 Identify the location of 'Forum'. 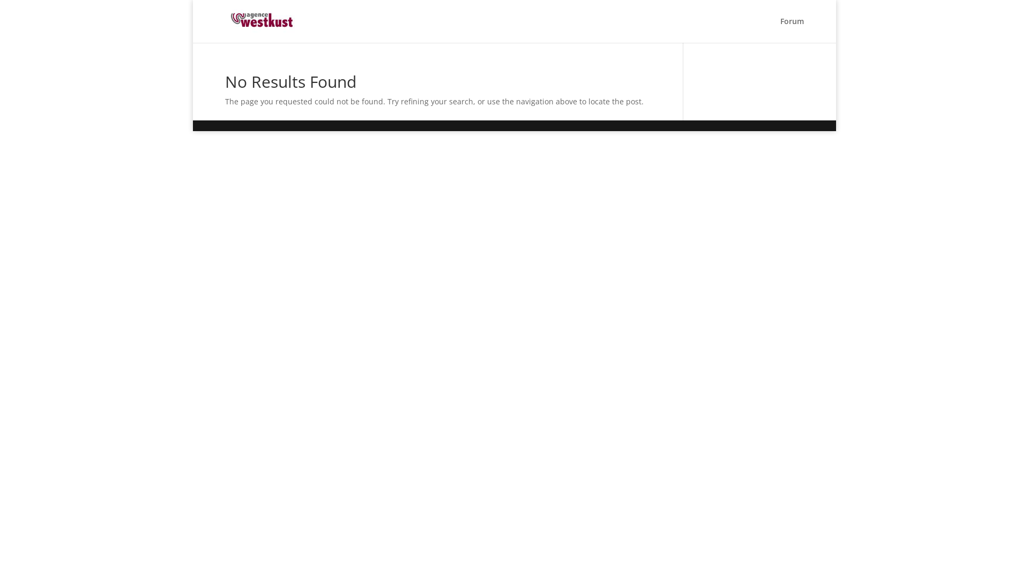
(780, 29).